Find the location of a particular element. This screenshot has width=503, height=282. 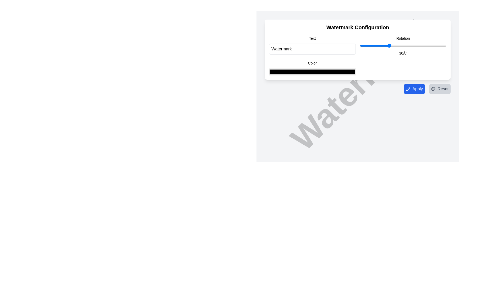

rotation is located at coordinates (383, 45).